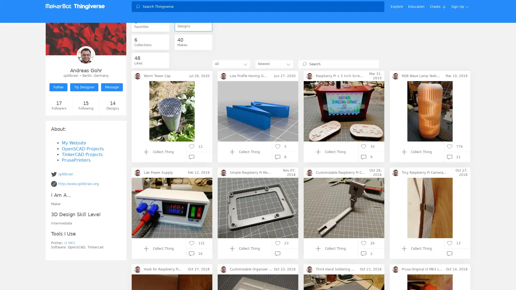  What do you see at coordinates (438, 6) in the screenshot?
I see `Create` at bounding box center [438, 6].